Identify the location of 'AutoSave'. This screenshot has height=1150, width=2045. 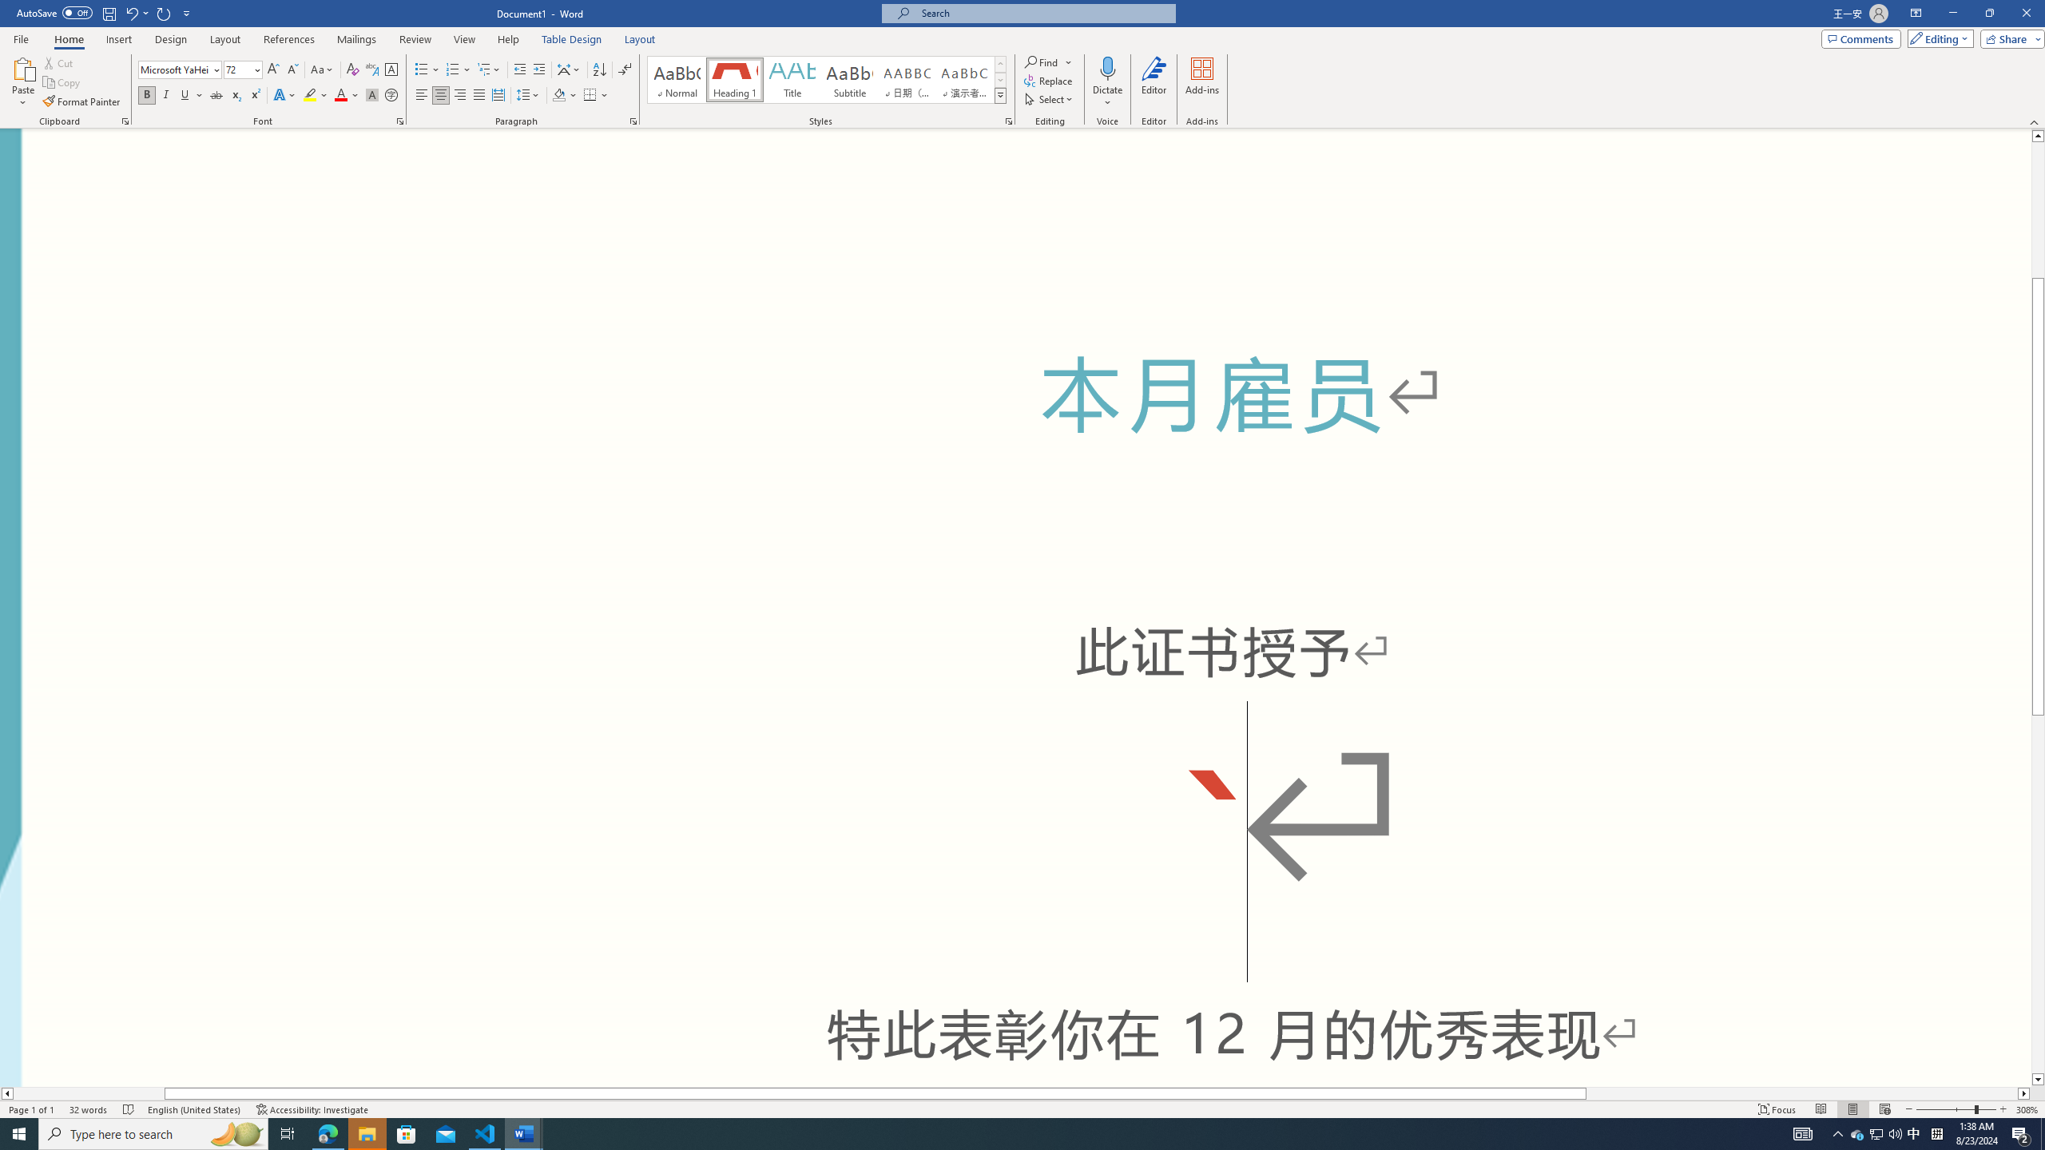
(55, 12).